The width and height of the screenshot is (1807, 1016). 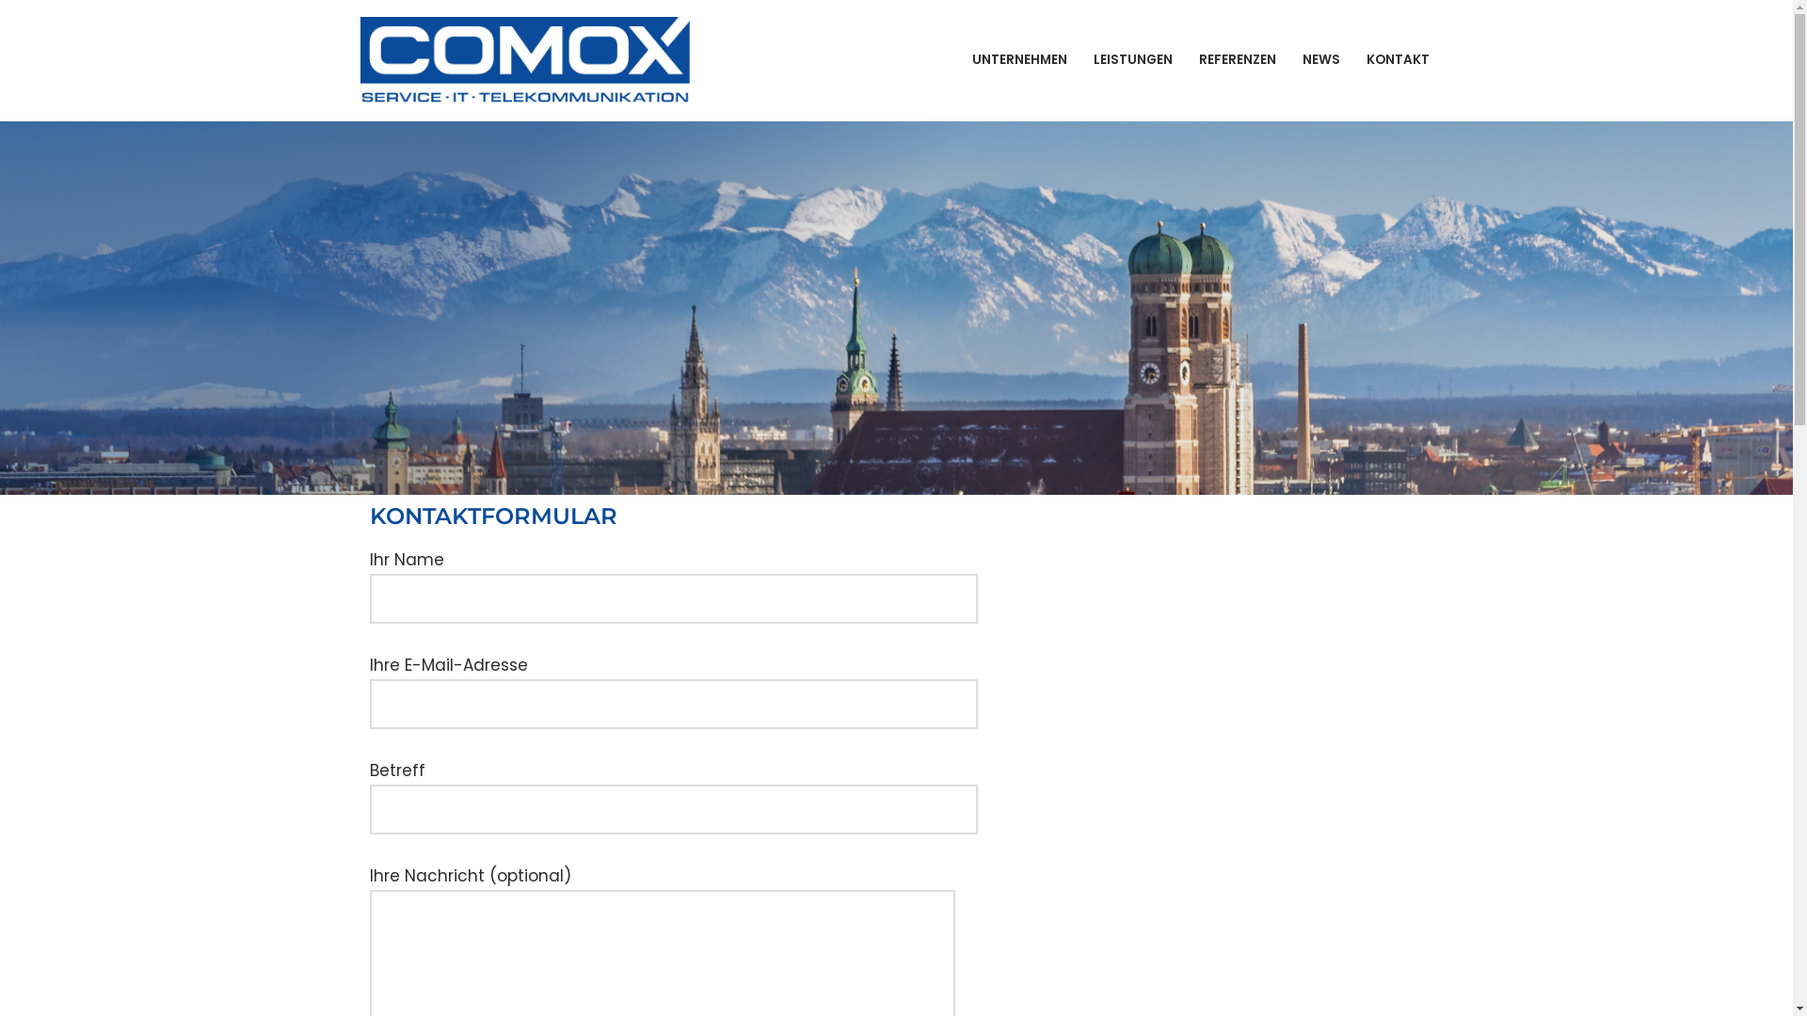 I want to click on 'LEISTUNGEN', so click(x=1132, y=58).